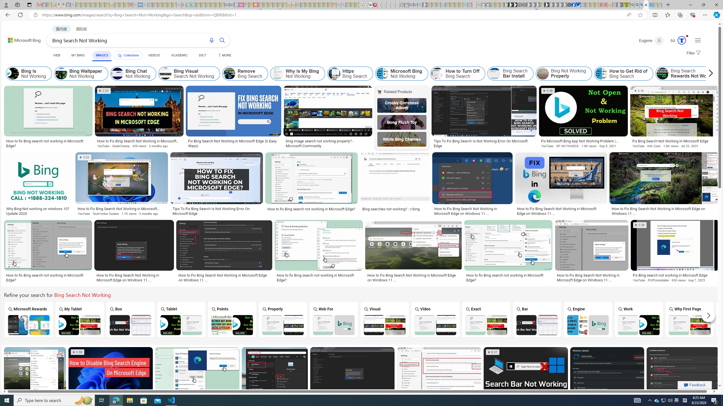 Image resolution: width=723 pixels, height=406 pixels. I want to click on 'How to Get Rid of Bing Search', so click(624, 73).